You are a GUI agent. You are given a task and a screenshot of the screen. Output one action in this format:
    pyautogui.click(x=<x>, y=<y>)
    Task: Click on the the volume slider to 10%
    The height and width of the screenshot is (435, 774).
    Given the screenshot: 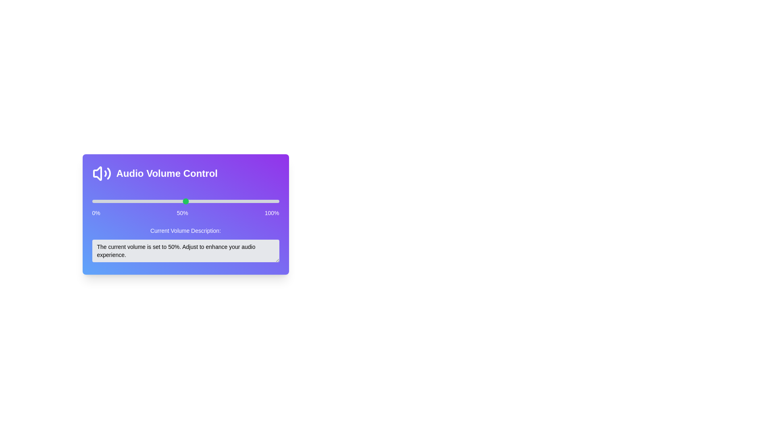 What is the action you would take?
    pyautogui.click(x=110, y=201)
    